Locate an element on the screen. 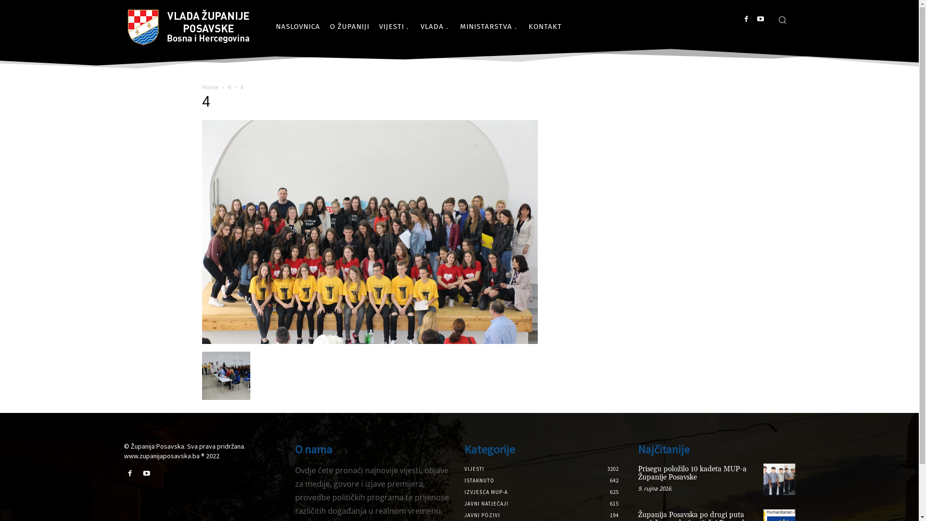 Image resolution: width=926 pixels, height=521 pixels. 'Youtube' is located at coordinates (146, 473).